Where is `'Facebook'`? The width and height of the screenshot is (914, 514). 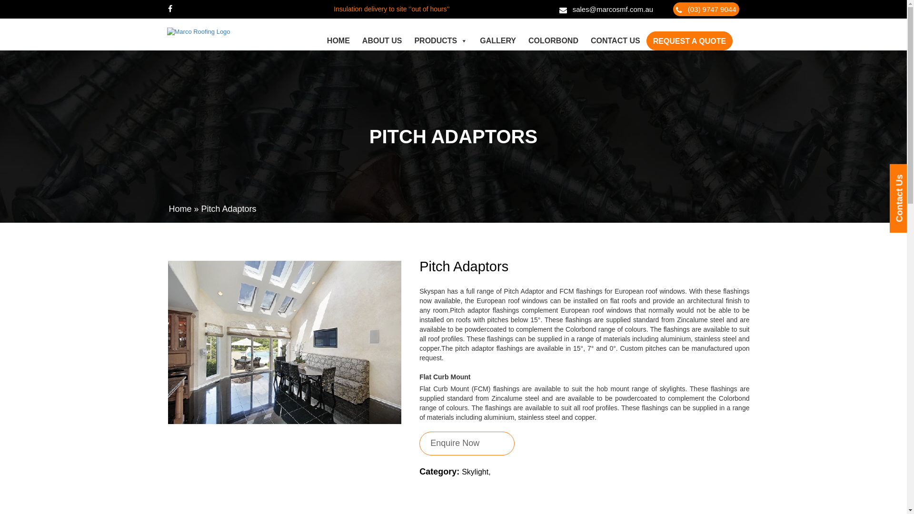 'Facebook' is located at coordinates (167, 9).